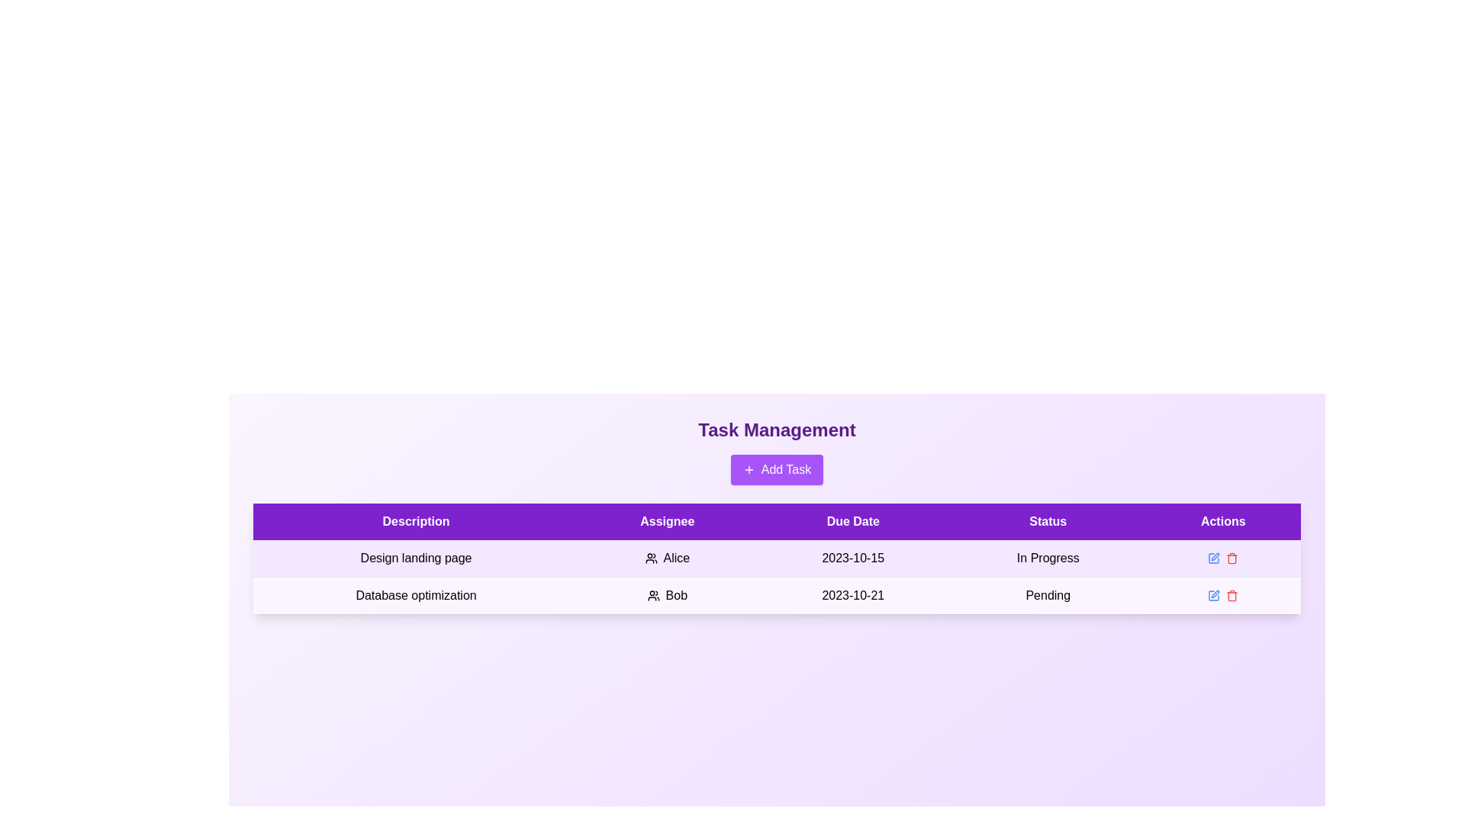 Image resolution: width=1465 pixels, height=824 pixels. I want to click on the Text label displaying the current task status 'In Progress' in the 'Status' column of the task table for 'Design landing page', so click(1047, 558).